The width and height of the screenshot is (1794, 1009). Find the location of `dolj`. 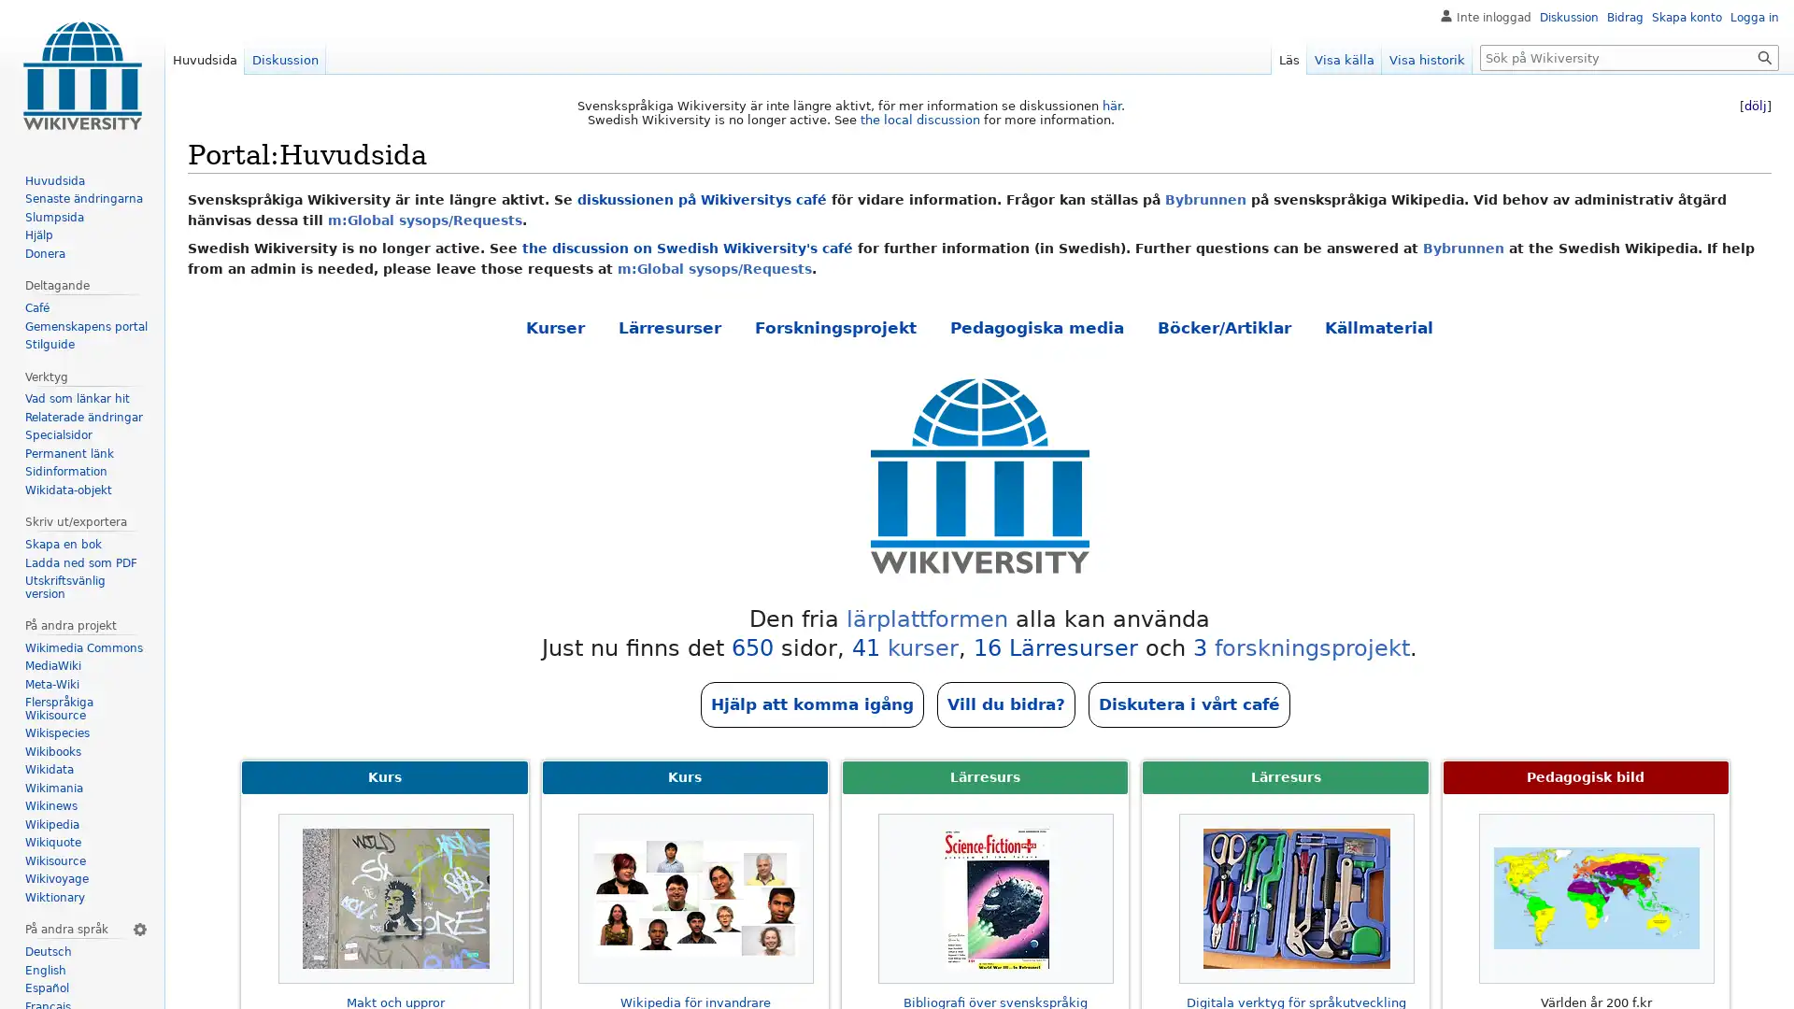

dolj is located at coordinates (1754, 106).